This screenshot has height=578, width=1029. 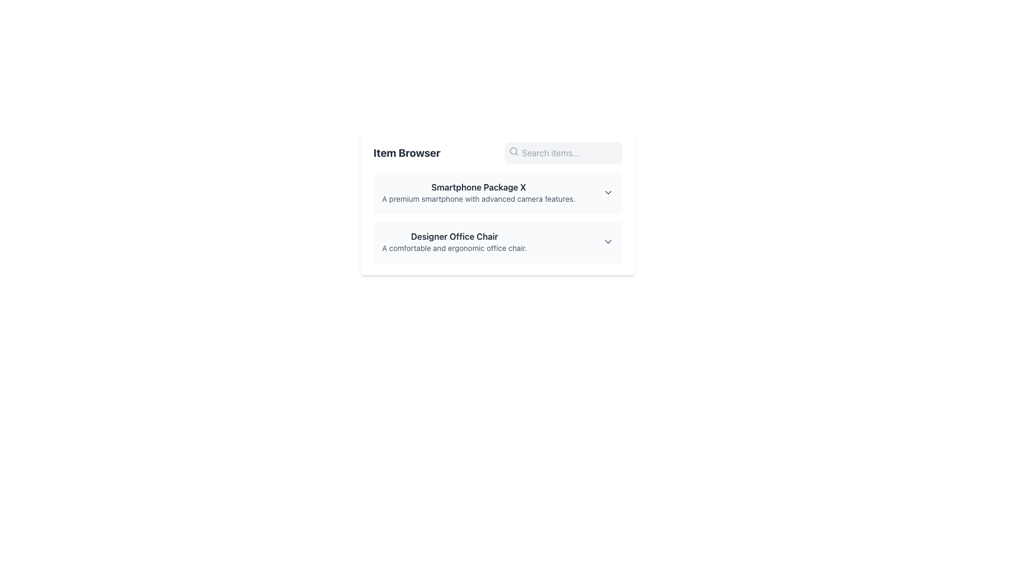 I want to click on title 'Designer Office Chair' and the description 'A comfortable and ergonomic office chair.' from the text block located under the header 'Item Browser' and below 'Smartphone Package X', so click(x=454, y=241).